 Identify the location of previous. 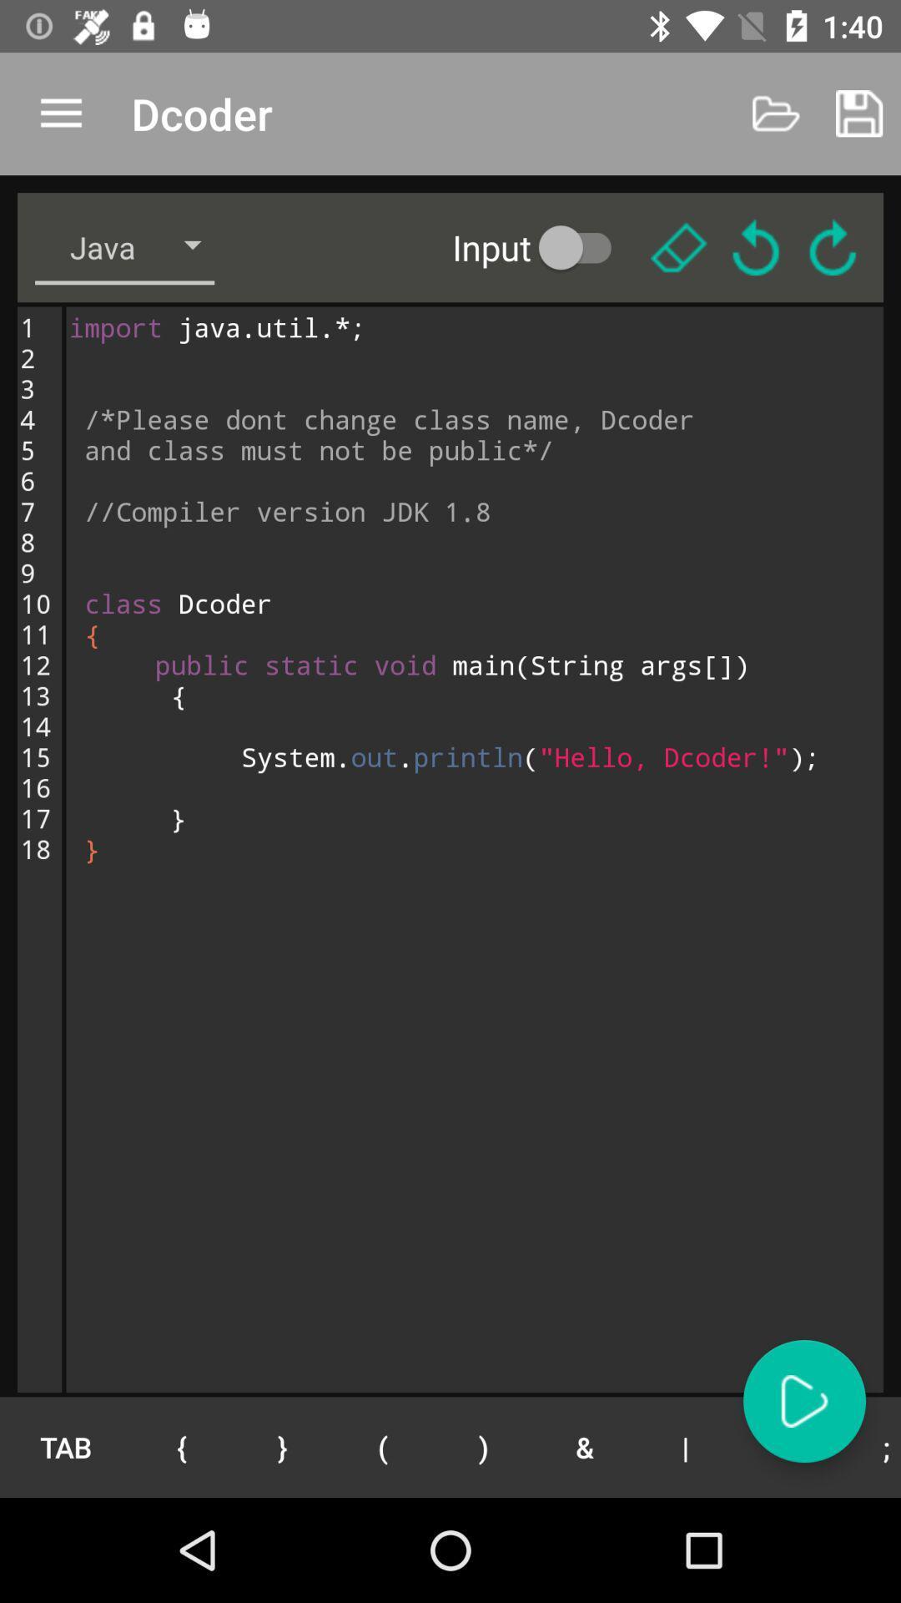
(756, 246).